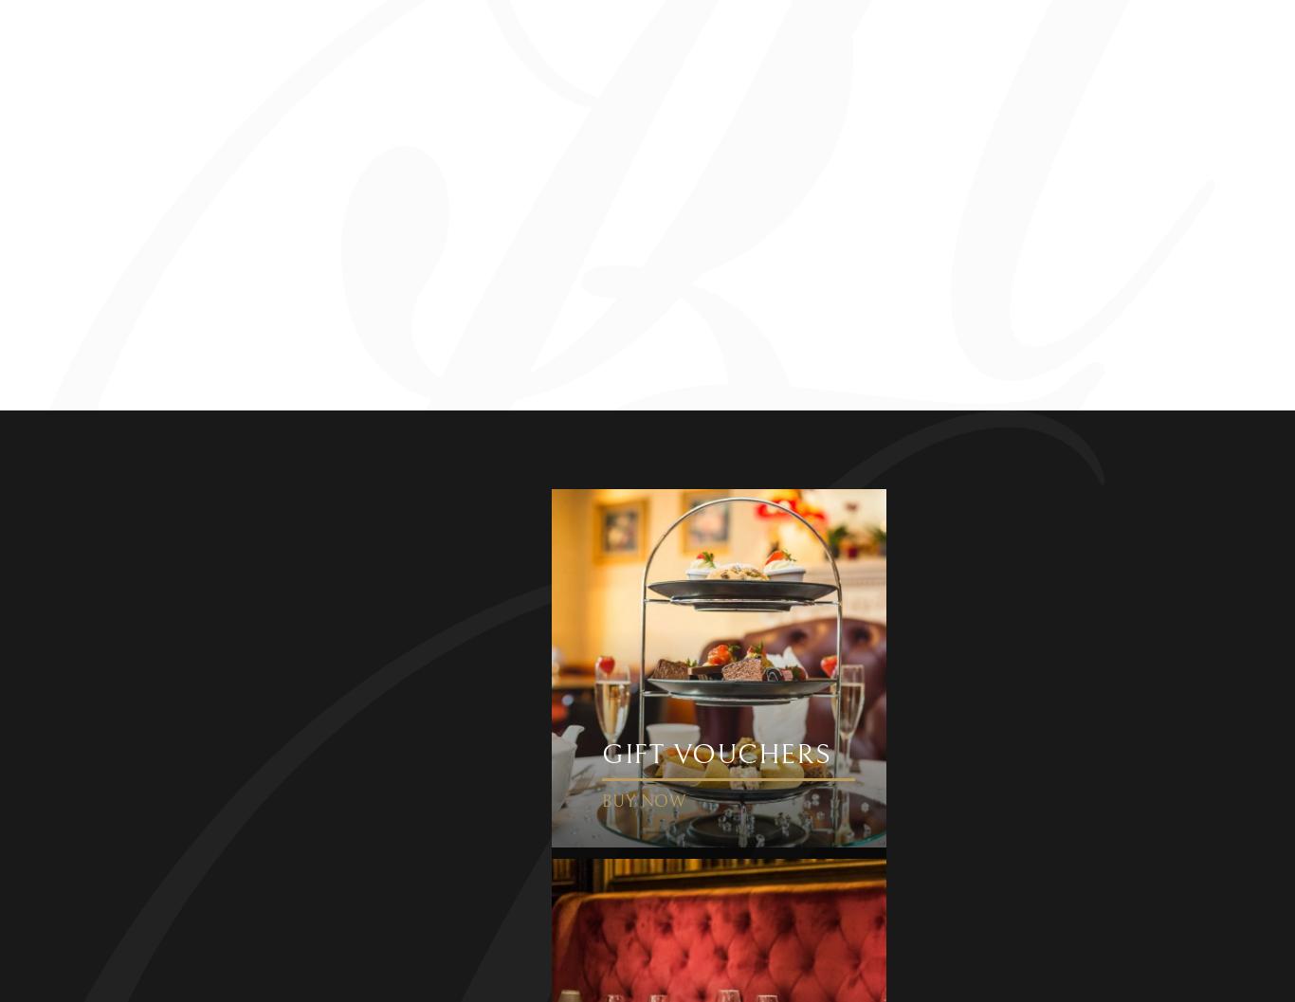 The image size is (1295, 1002). What do you see at coordinates (263, 262) in the screenshot?
I see `'Hotel Lobby & Afternoon Tea'` at bounding box center [263, 262].